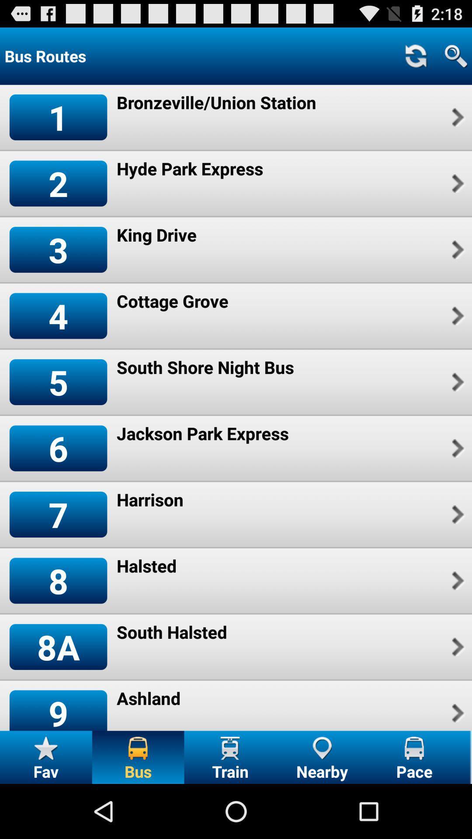  What do you see at coordinates (58, 382) in the screenshot?
I see `icon to the left of the south shore night app` at bounding box center [58, 382].